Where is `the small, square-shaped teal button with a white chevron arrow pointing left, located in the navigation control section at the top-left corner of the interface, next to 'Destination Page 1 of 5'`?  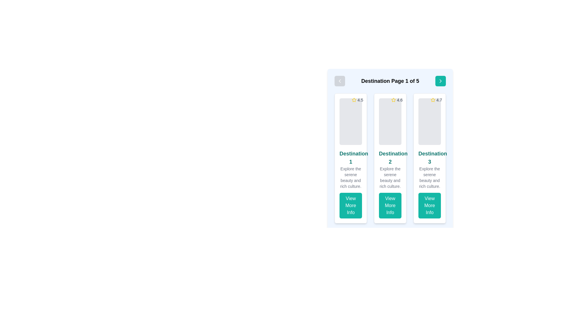 the small, square-shaped teal button with a white chevron arrow pointing left, located in the navigation control section at the top-left corner of the interface, next to 'Destination Page 1 of 5' is located at coordinates (340, 81).